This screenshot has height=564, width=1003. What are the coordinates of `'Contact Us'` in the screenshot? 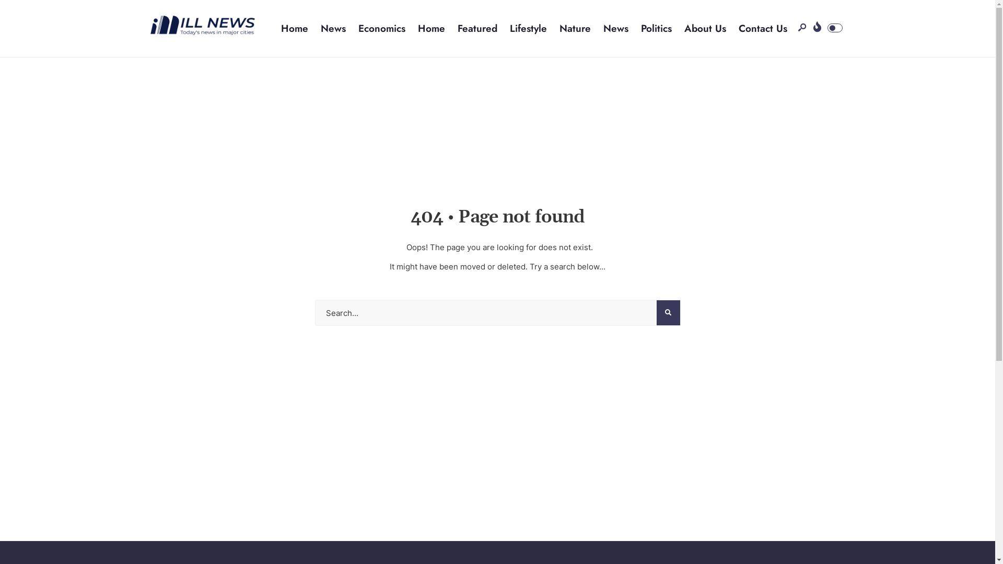 It's located at (763, 28).